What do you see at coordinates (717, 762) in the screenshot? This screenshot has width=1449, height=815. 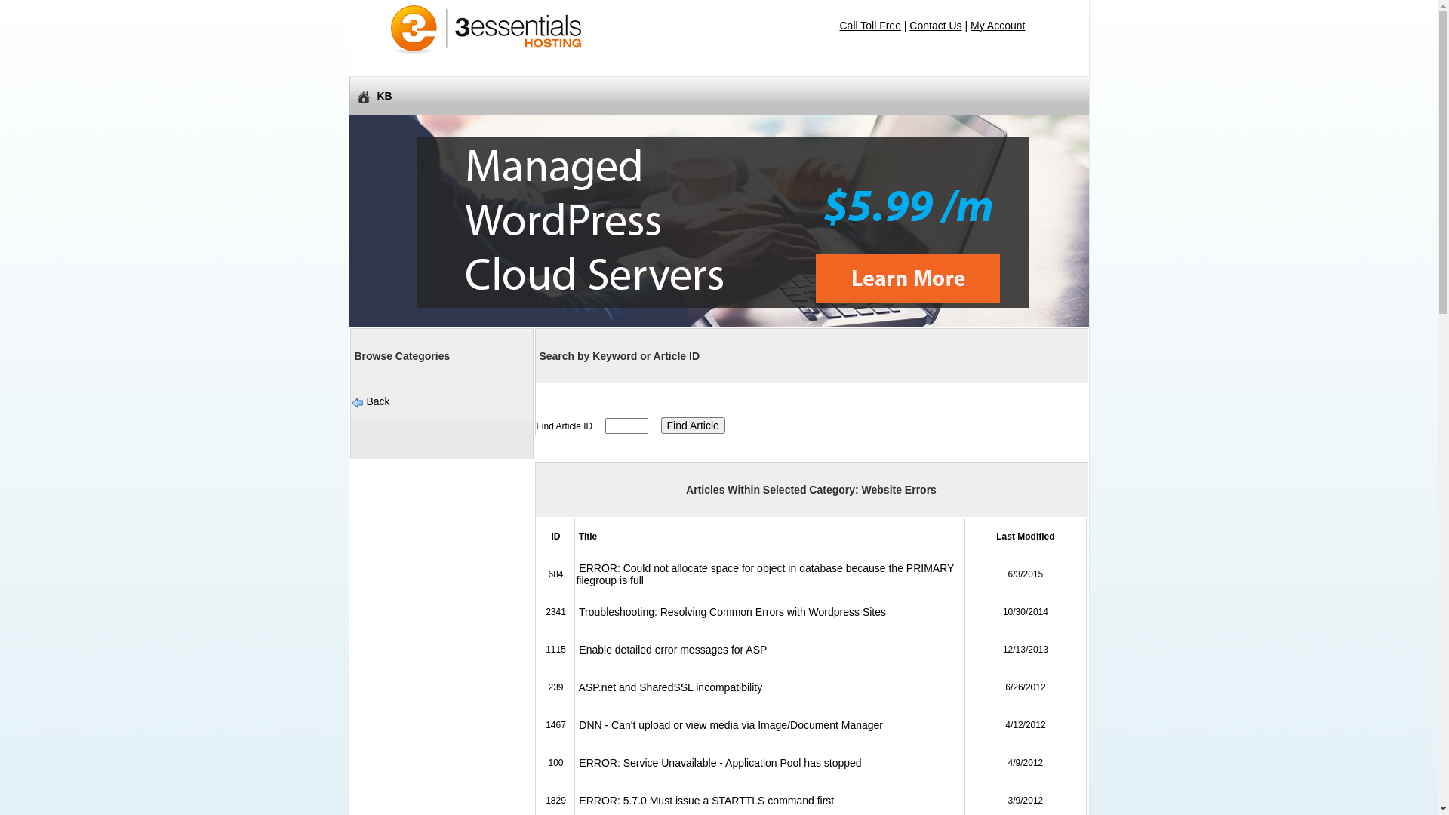 I see `' ERROR: Service Unavailable - Application Pool has stopped'` at bounding box center [717, 762].